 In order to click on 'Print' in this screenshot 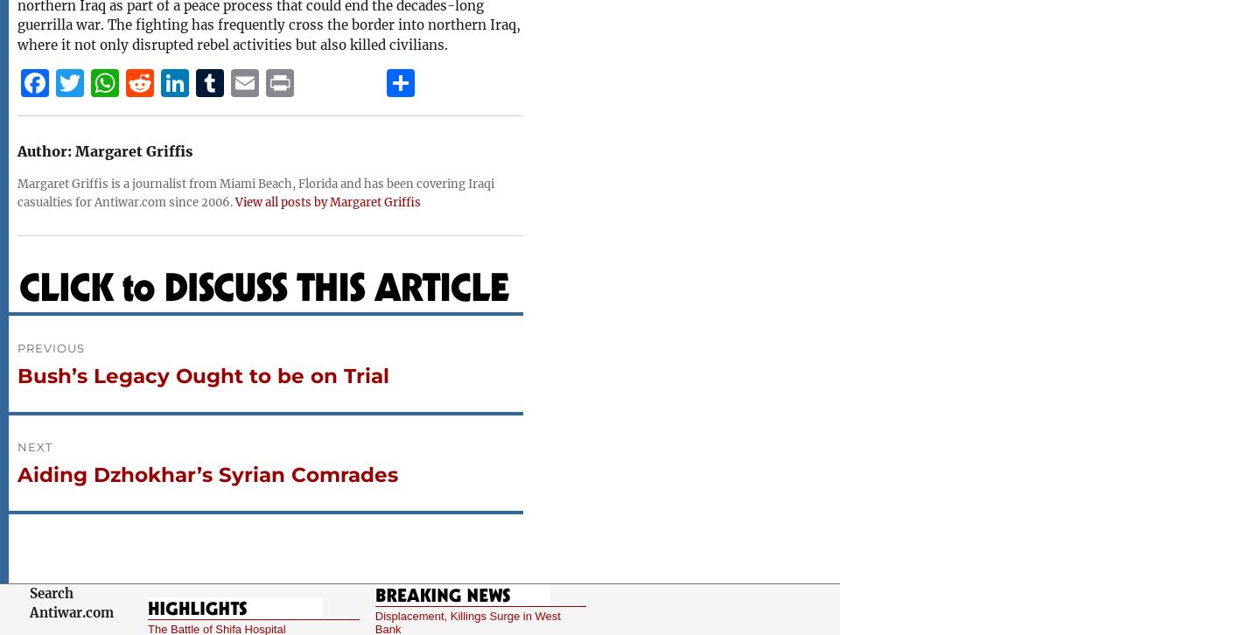, I will do `click(293, 125)`.